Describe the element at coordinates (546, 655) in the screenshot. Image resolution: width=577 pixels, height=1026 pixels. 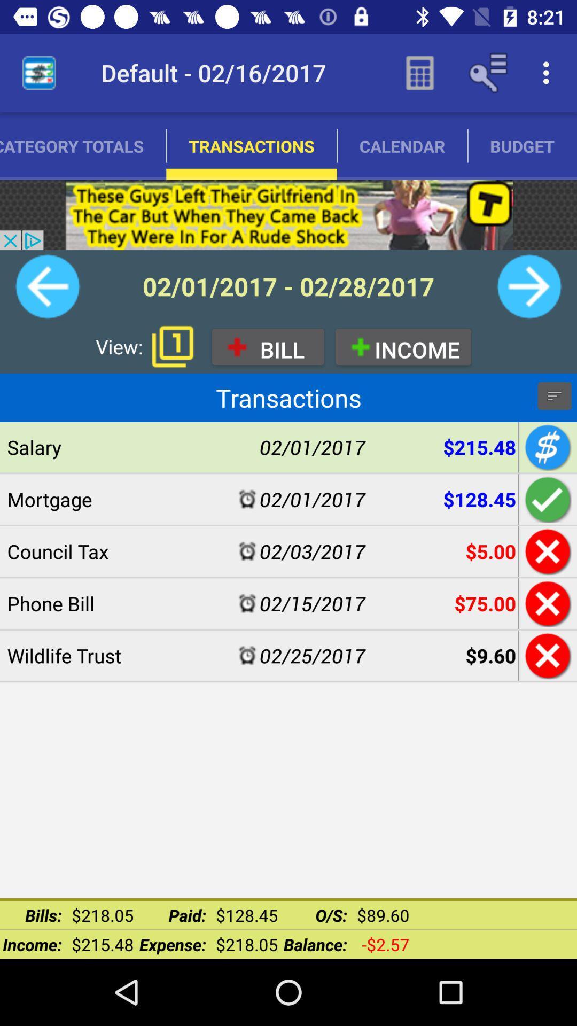
I see `exit wildlife trust` at that location.